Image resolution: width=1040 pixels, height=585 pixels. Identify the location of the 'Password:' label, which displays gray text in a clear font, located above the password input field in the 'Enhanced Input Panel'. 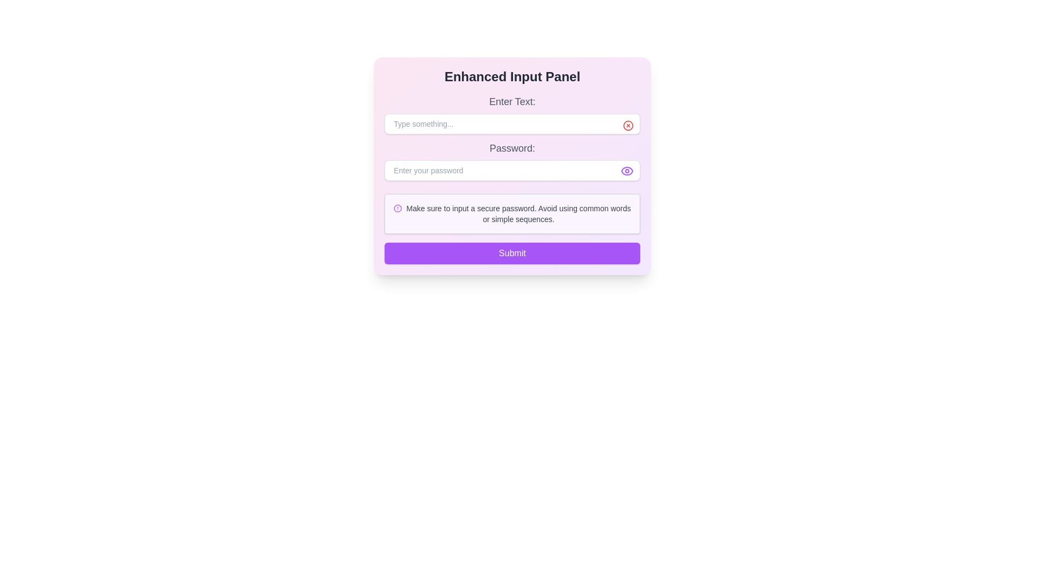
(511, 148).